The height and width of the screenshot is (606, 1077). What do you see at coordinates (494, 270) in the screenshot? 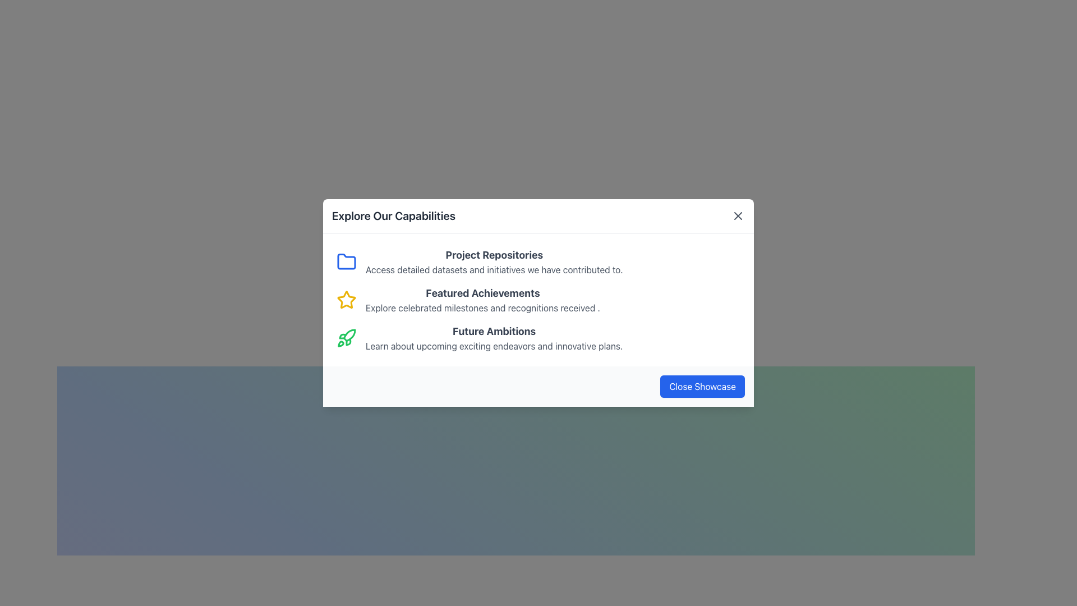
I see `descriptive text label located directly underneath the heading 'Project Repositories' which provides additional context about the section` at bounding box center [494, 270].